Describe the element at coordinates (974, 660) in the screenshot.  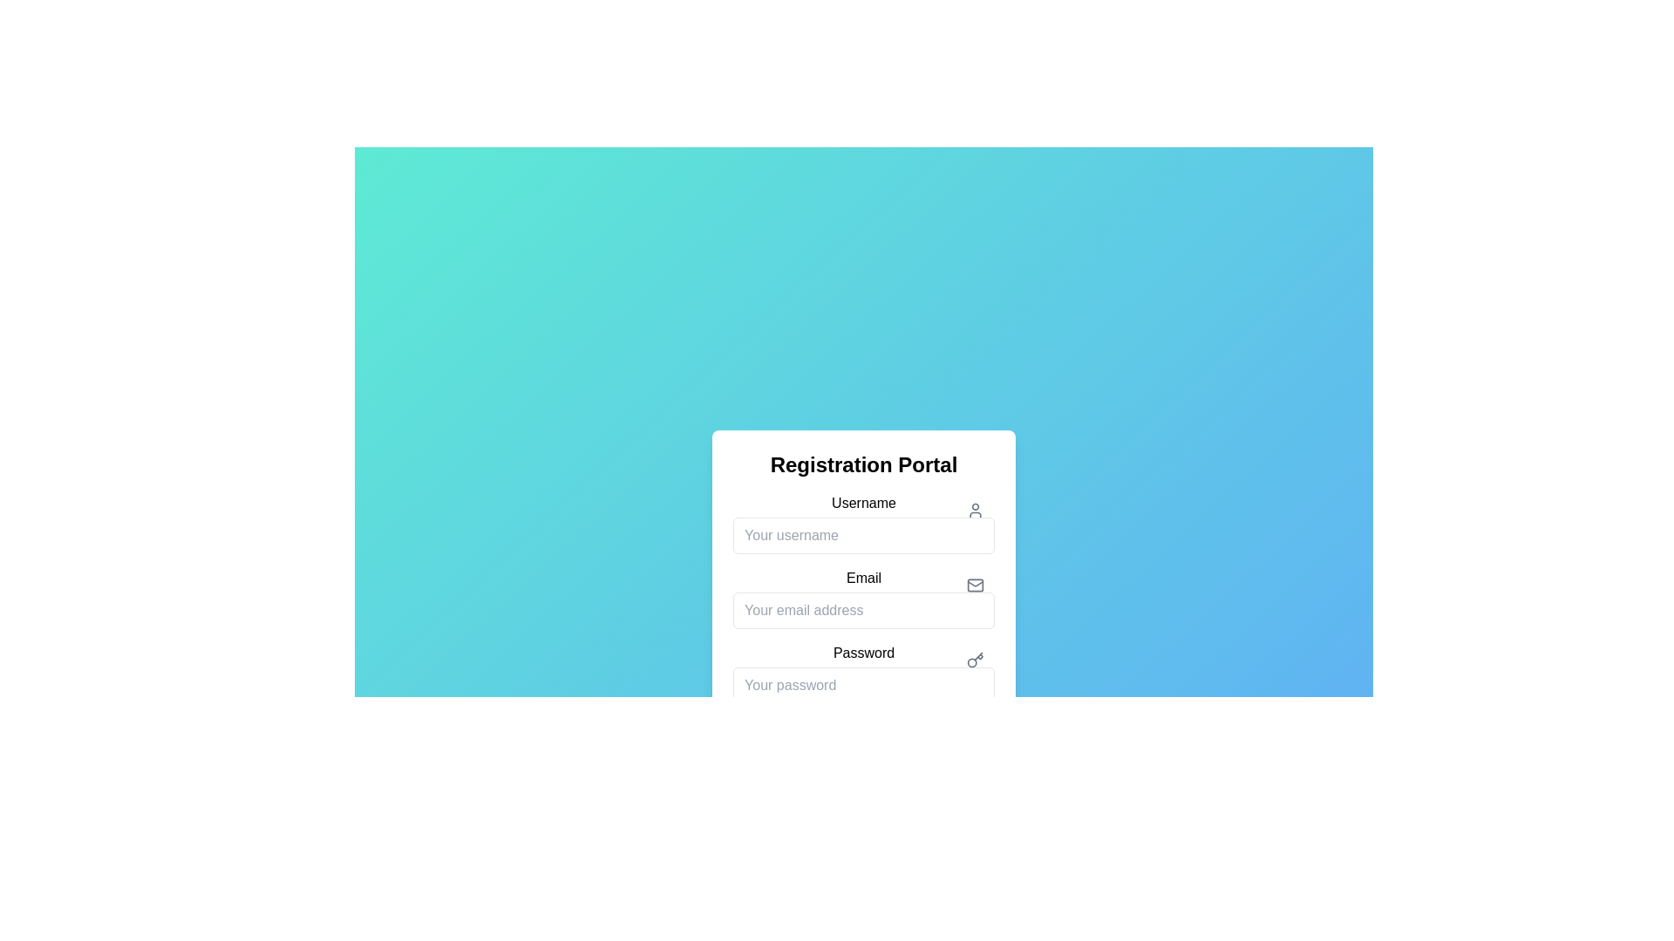
I see `the key icon located immediately to the right of the 'Your password' input field` at that location.